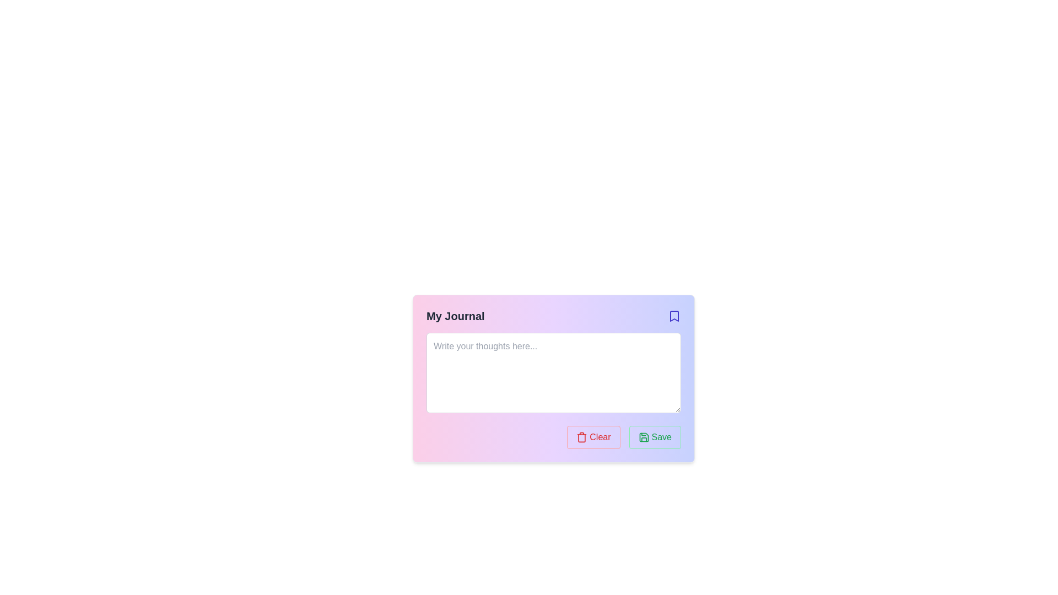 This screenshot has height=595, width=1058. I want to click on the trash bin icon that indicates the delete or clear action, located to the left of the 'Clear' button text below the text input field labeled 'Write your thoughts here...', so click(581, 437).